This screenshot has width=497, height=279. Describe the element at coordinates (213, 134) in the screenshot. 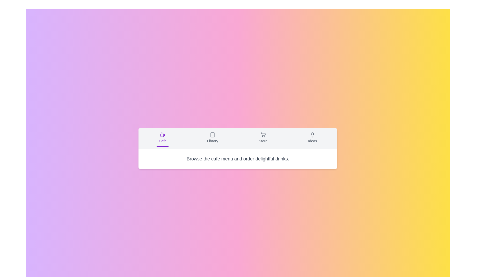

I see `the Library icon located in the center of the lower navigation bar, which signifies library-related actions or content` at that location.